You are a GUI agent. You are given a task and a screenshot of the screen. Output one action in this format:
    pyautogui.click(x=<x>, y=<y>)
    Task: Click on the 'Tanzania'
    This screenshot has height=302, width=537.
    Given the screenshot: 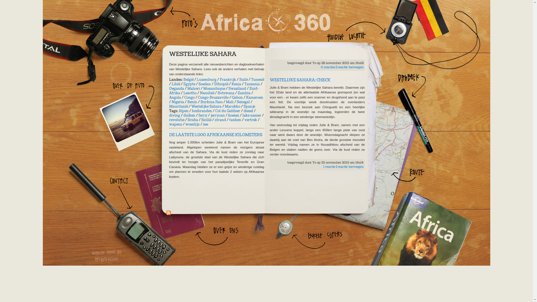 What is the action you would take?
    pyautogui.click(x=252, y=84)
    